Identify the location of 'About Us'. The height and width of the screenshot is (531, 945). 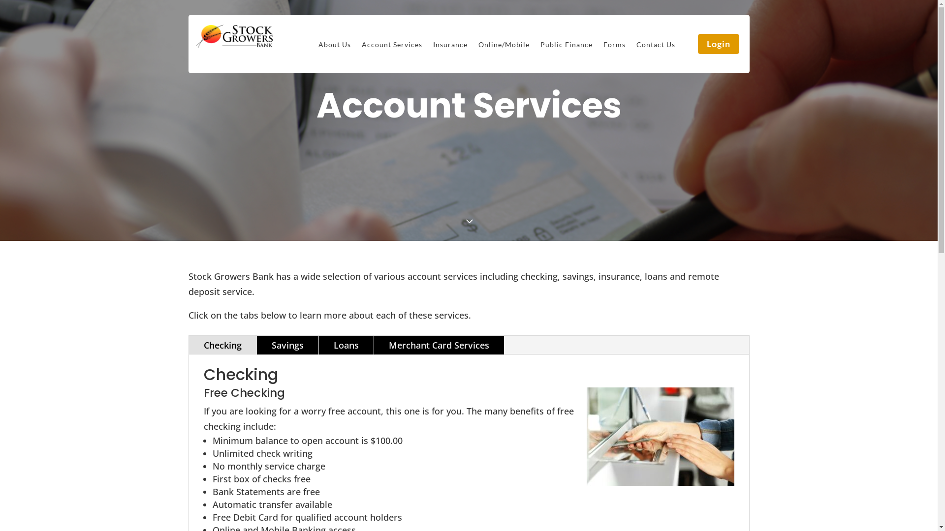
(335, 47).